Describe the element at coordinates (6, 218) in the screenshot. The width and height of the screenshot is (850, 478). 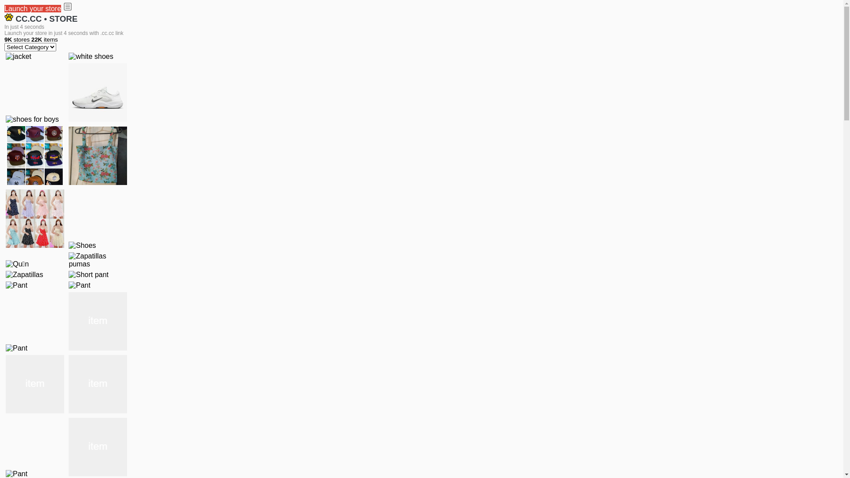
I see `'Dress/square nect top'` at that location.